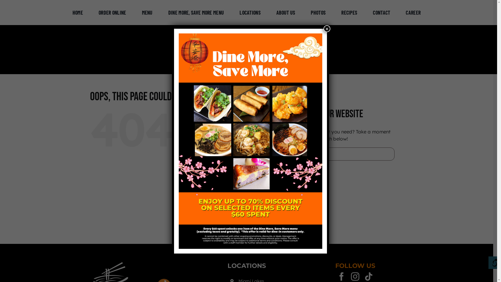 The image size is (501, 282). I want to click on 'Career', so click(226, 223).